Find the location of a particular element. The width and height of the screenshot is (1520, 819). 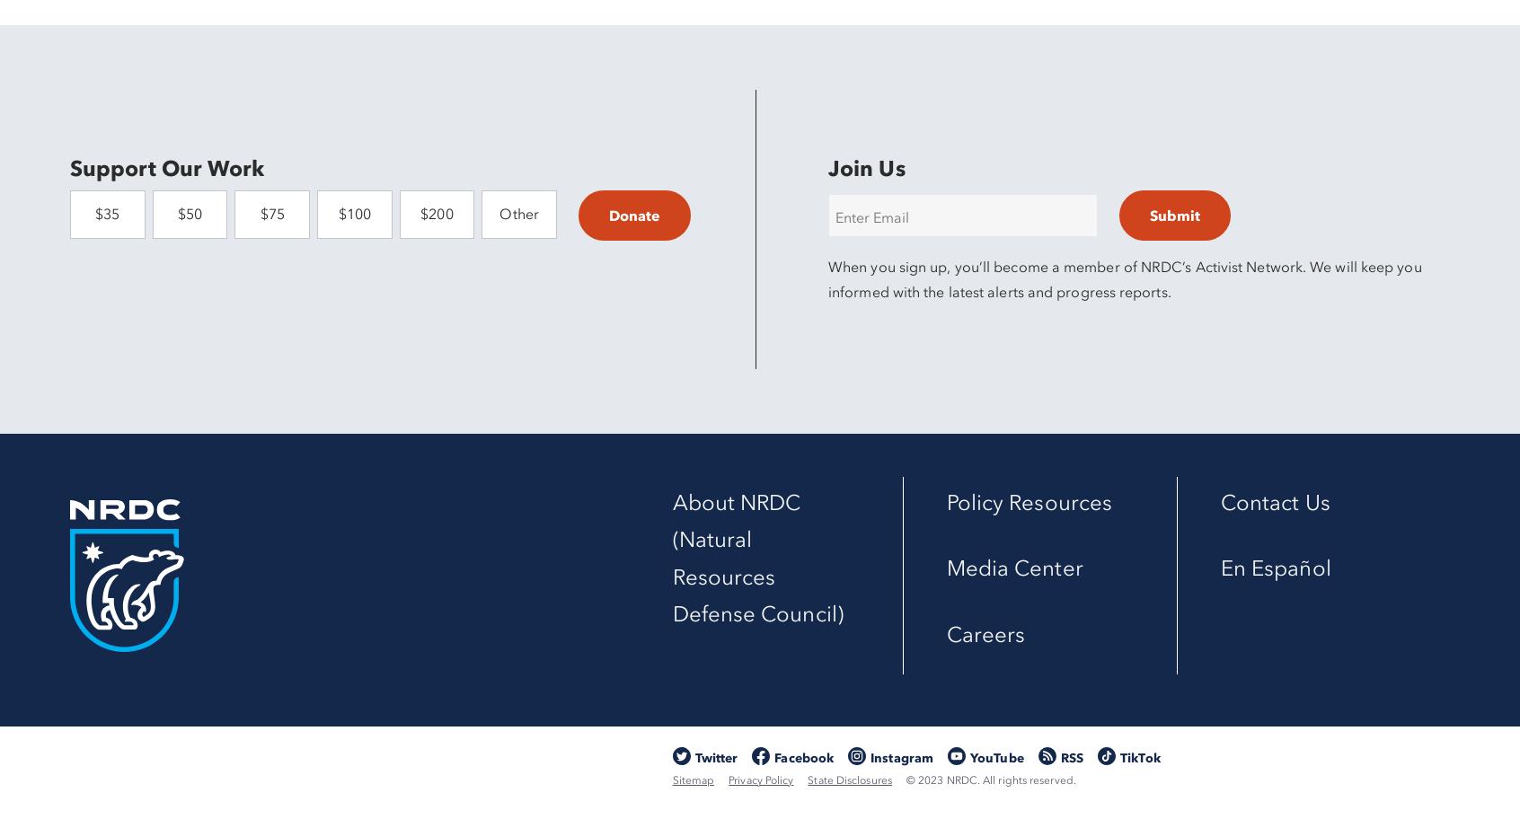

'Careers' is located at coordinates (944, 633).